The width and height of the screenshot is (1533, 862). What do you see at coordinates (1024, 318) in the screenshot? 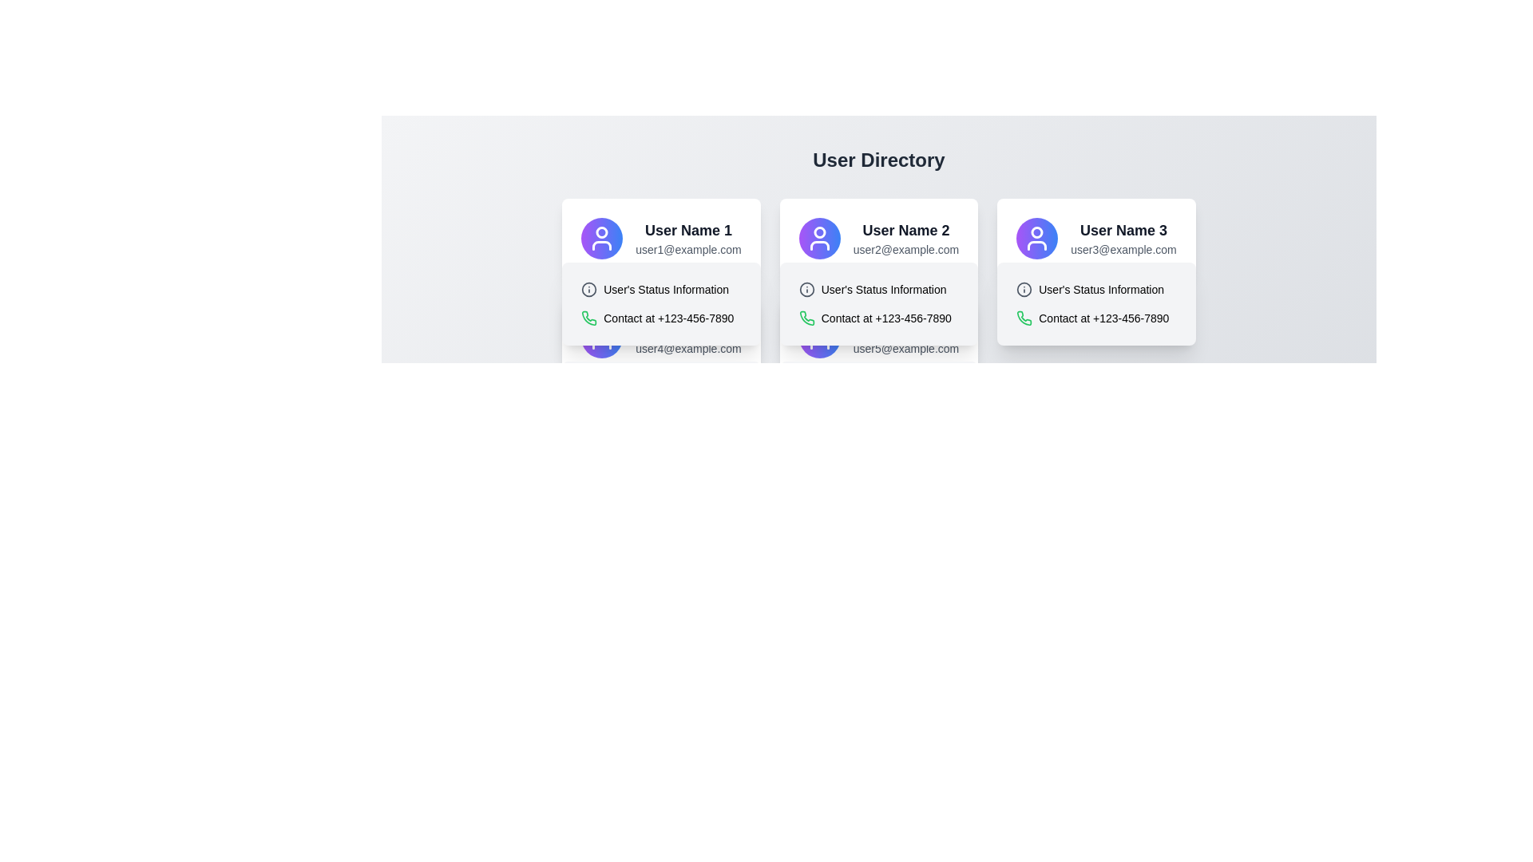
I see `visually on the green telephone handset icon located in the third card under 'User Name 3'` at bounding box center [1024, 318].